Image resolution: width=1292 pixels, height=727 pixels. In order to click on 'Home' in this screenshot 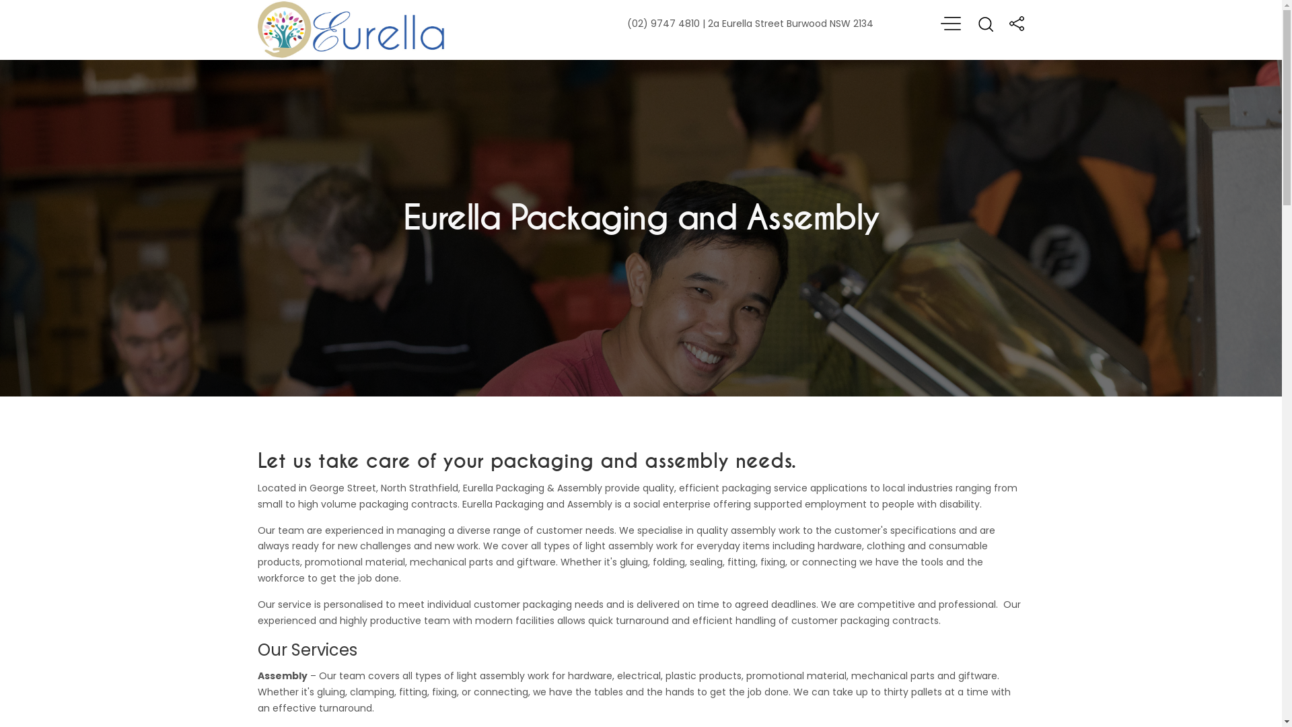, I will do `click(257, 30)`.